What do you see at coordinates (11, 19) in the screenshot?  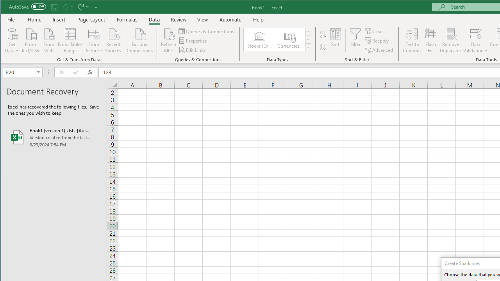 I see `'File Tab'` at bounding box center [11, 19].